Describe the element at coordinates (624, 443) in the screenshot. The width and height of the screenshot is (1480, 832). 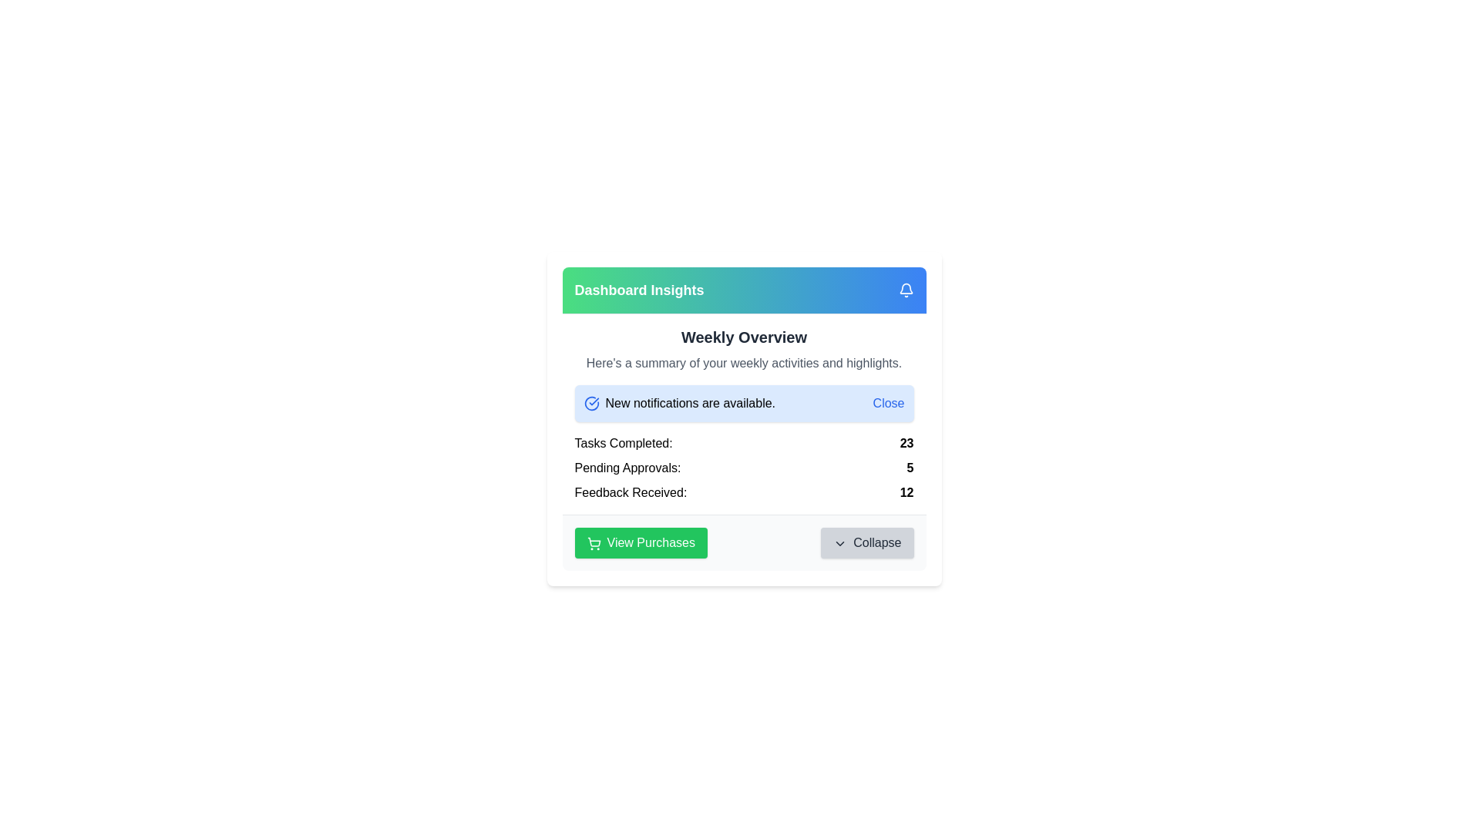
I see `the 'Tasks Completed:' label which is styled in bold black font and located in the second row of the white card layout under 'Weekly Overview'` at that location.